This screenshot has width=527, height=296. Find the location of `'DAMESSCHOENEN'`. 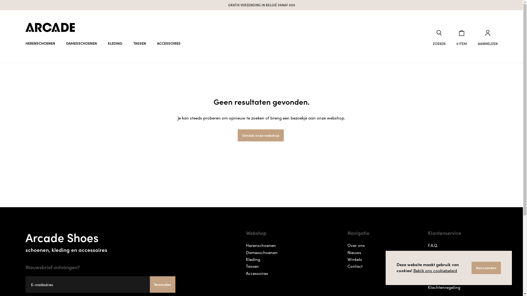

'DAMESSCHOENEN' is located at coordinates (81, 43).